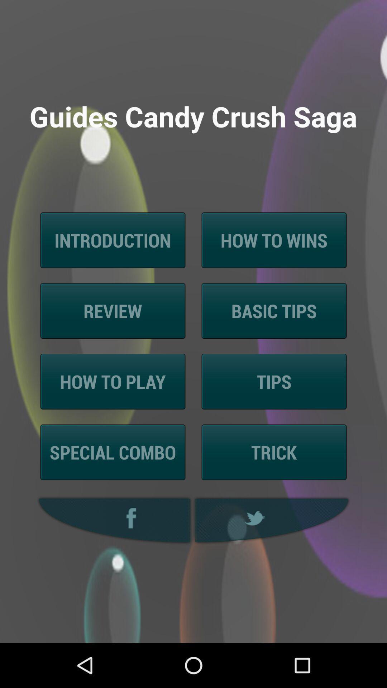  Describe the element at coordinates (274, 311) in the screenshot. I see `the basic tips item` at that location.